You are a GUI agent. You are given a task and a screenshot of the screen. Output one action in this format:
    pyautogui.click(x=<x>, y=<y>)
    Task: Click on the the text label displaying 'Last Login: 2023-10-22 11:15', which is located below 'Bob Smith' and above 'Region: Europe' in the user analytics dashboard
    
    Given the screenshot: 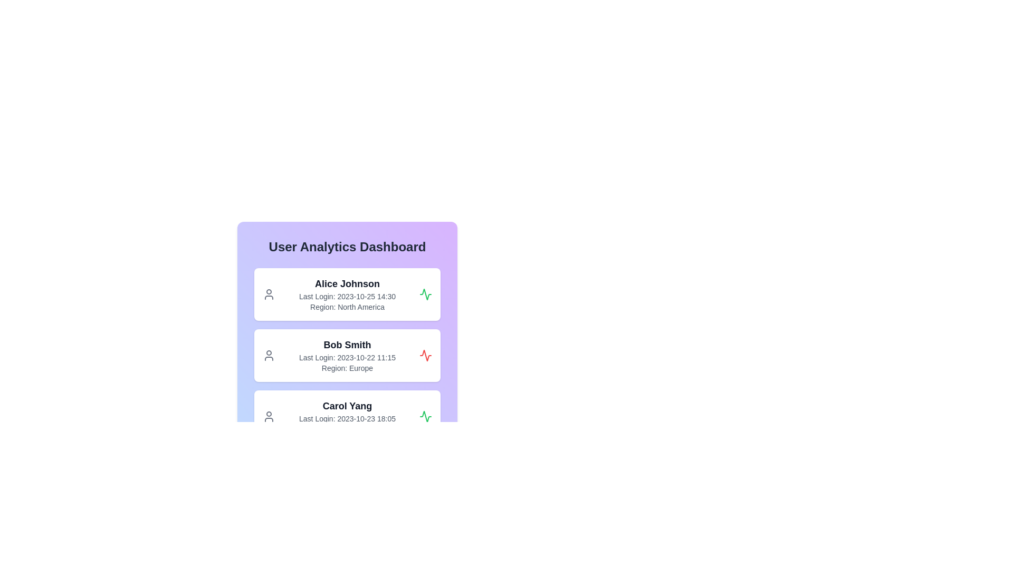 What is the action you would take?
    pyautogui.click(x=347, y=357)
    